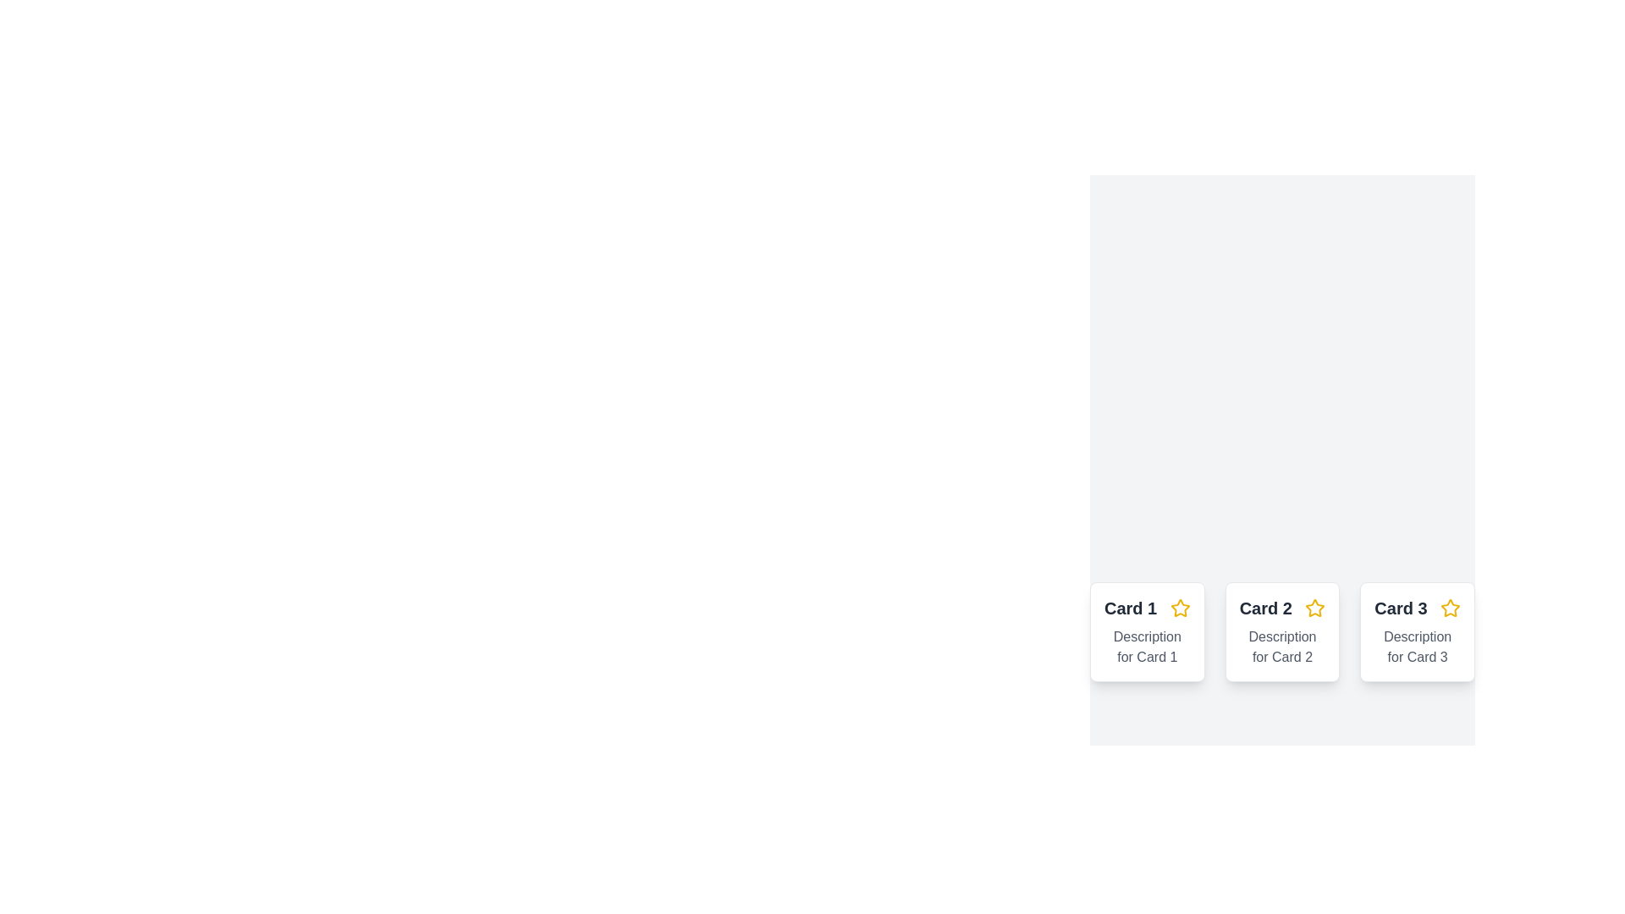 Image resolution: width=1625 pixels, height=914 pixels. Describe the element at coordinates (1314, 607) in the screenshot. I see `the star icon located at the top of the second card from the left` at that location.